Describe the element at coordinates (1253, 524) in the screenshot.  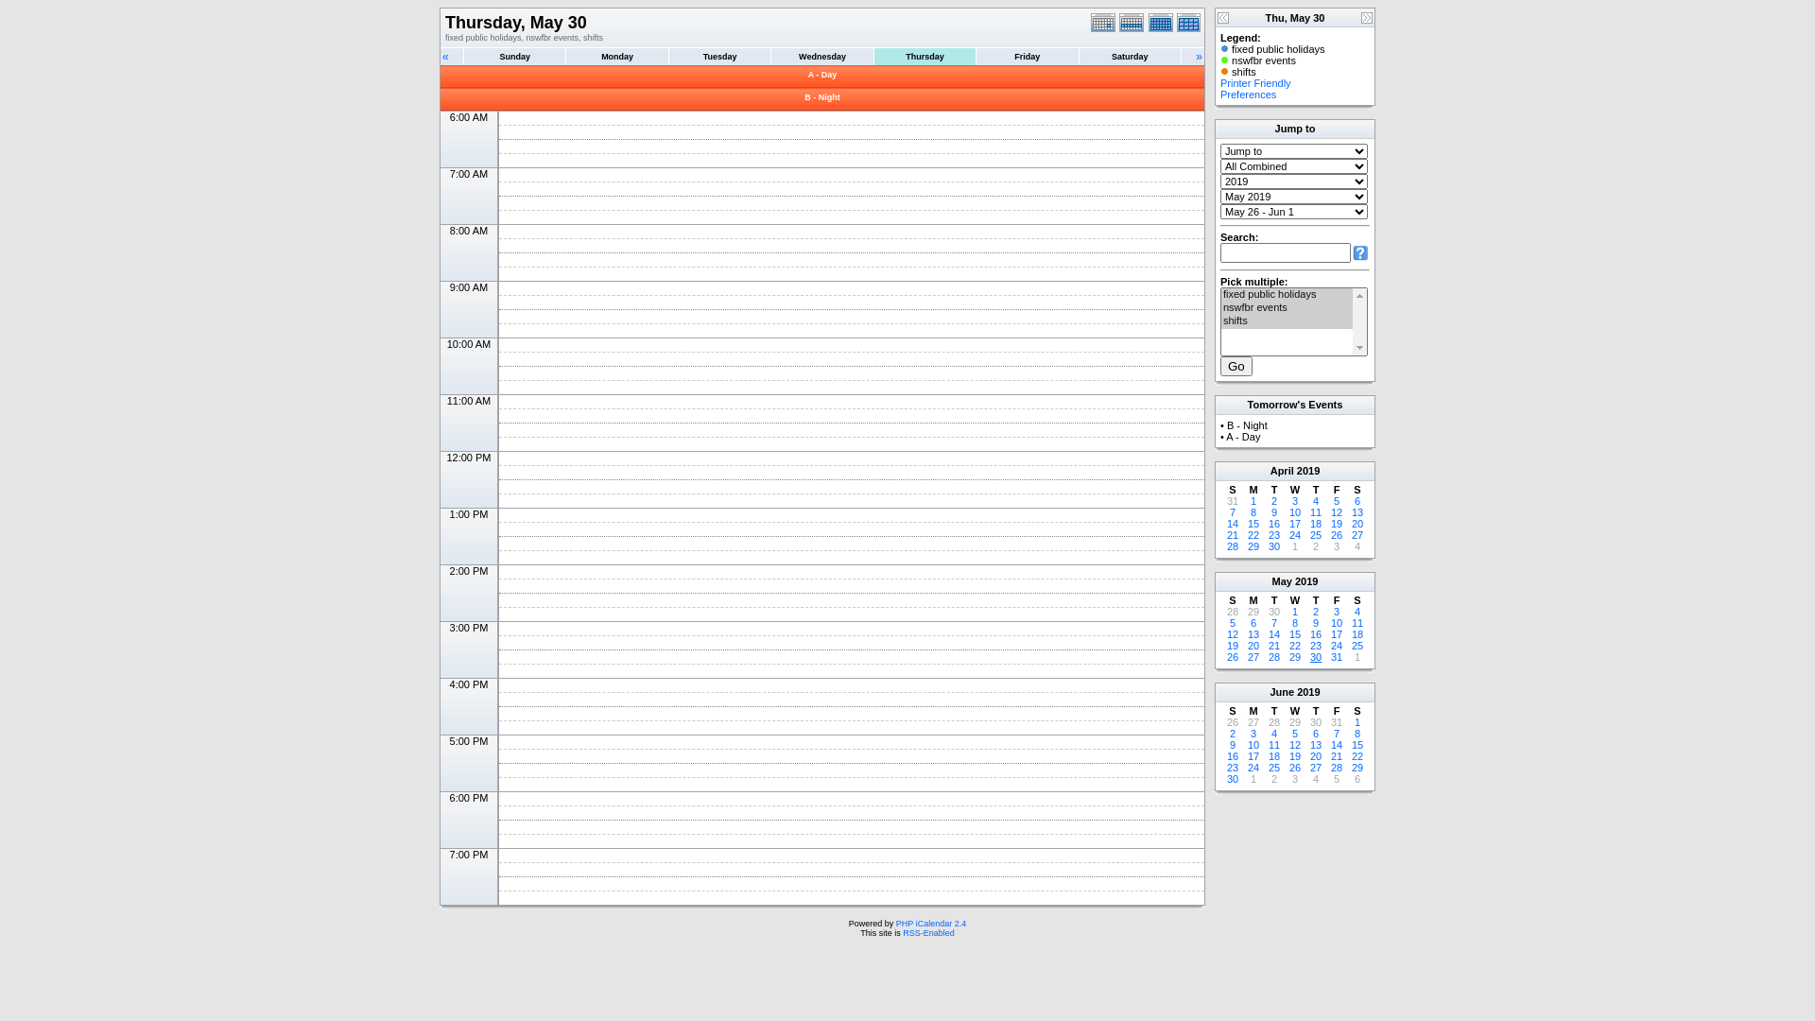
I see `'15'` at that location.